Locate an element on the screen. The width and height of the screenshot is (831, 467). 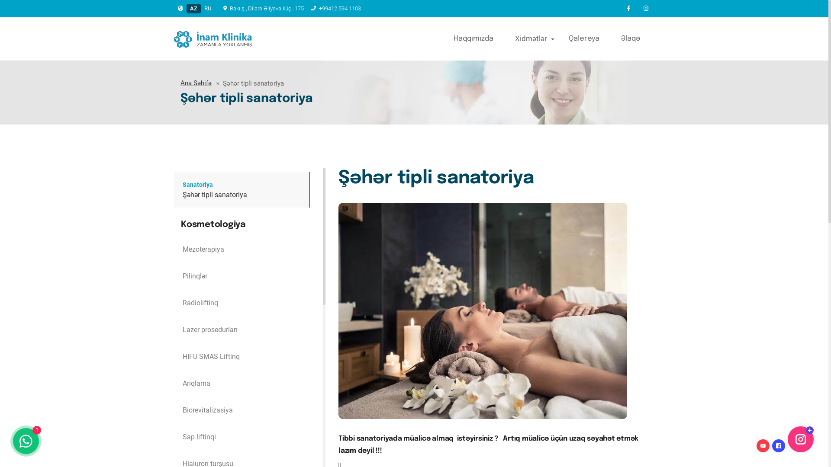
'+99412 594 1103' is located at coordinates (334, 8).